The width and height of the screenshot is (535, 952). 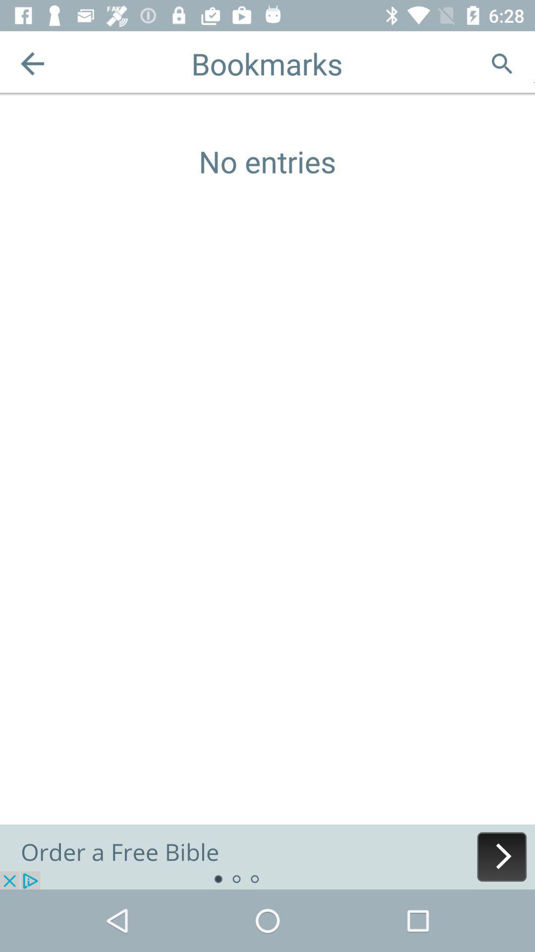 I want to click on the search icon, so click(x=502, y=63).